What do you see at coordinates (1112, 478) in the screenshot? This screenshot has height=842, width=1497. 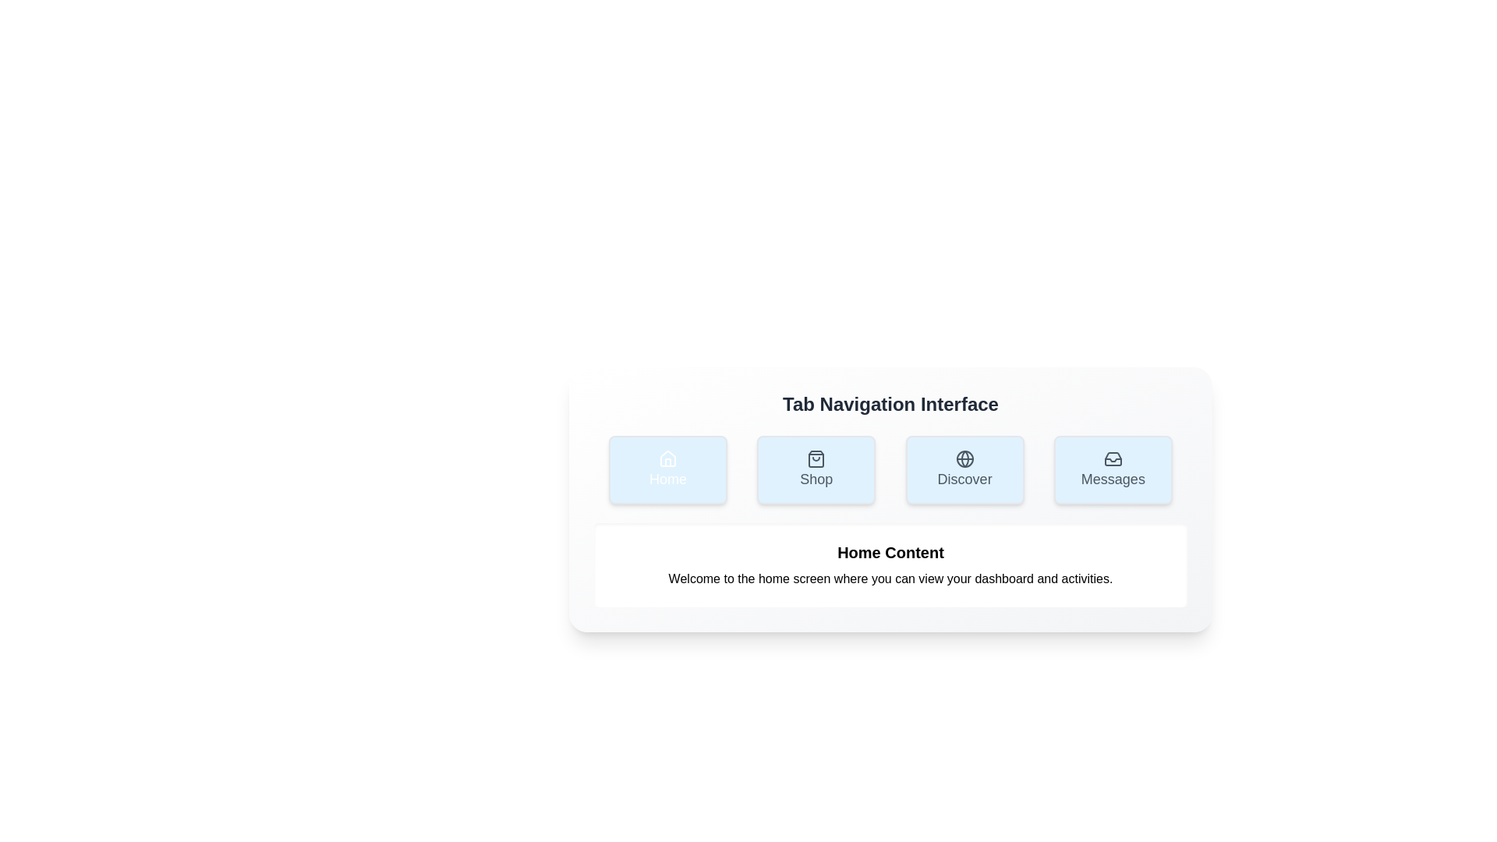 I see `the 'Messages' button, which is the fourth button in the horizontal navigation bar, featuring a light blue background and rounded corners` at bounding box center [1112, 478].